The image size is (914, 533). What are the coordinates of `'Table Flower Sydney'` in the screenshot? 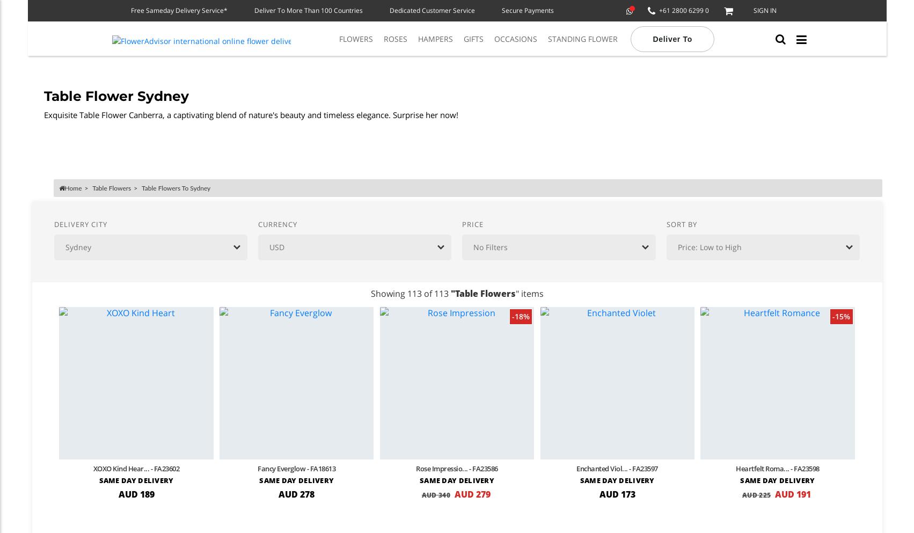 It's located at (115, 96).